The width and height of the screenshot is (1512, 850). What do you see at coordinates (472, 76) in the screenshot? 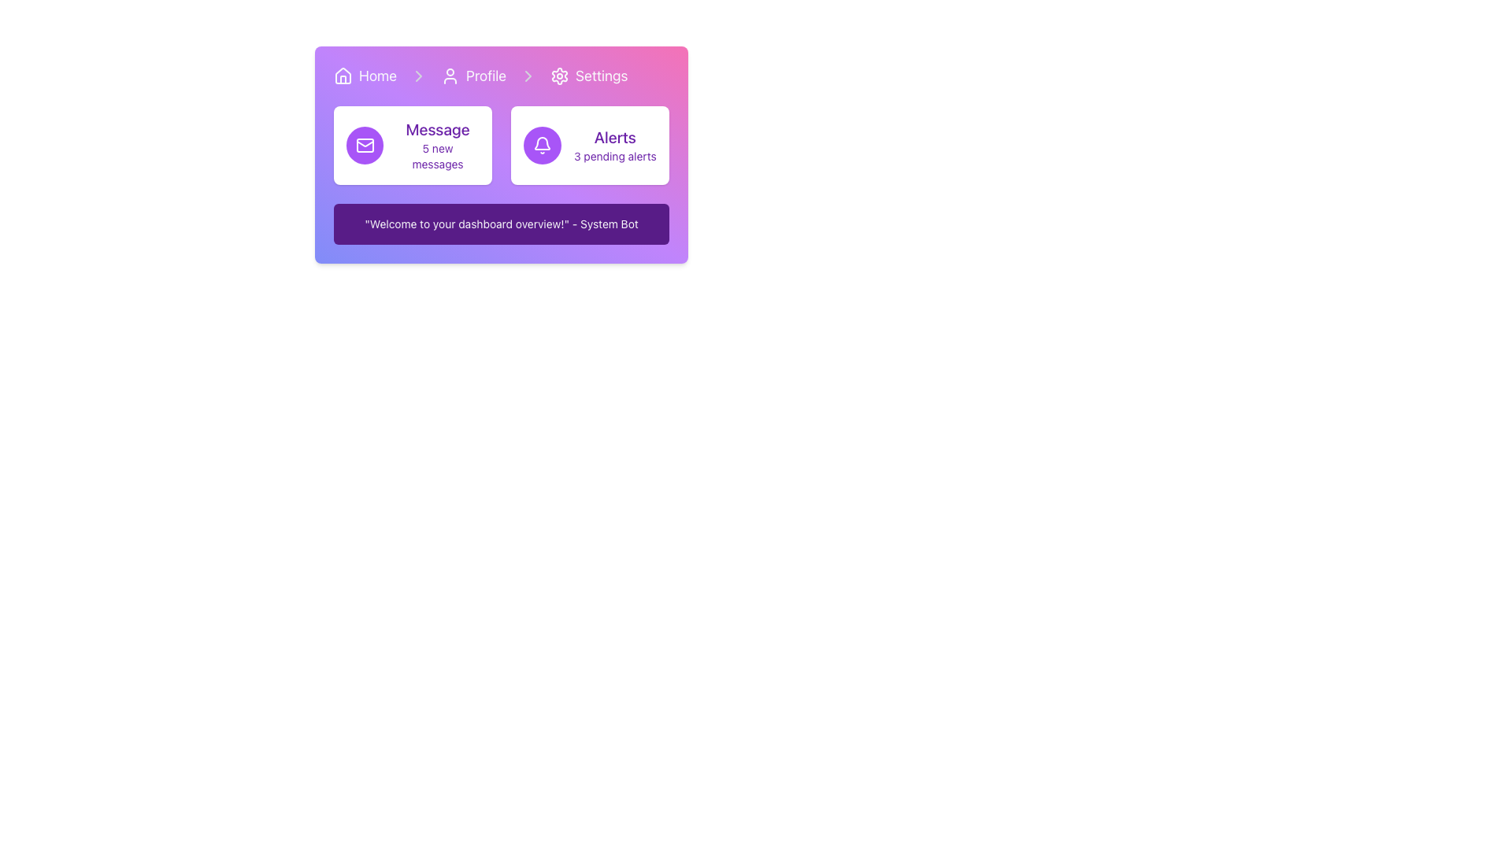
I see `the 'Profile' navigation link located in the header, which is the second item in the row of navigation links, between 'Home' and 'Settings'` at bounding box center [472, 76].